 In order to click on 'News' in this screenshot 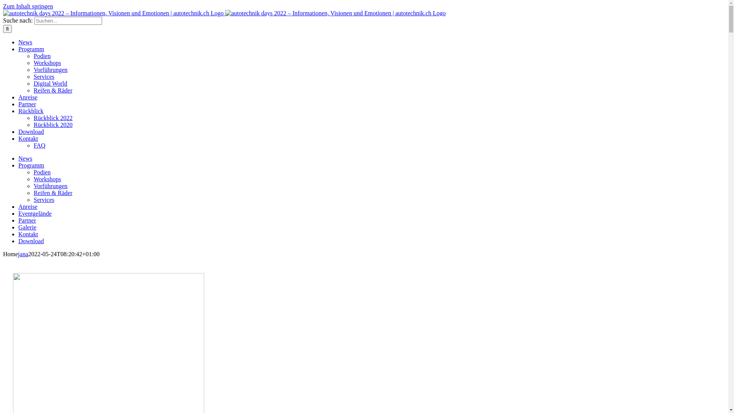, I will do `click(25, 42)`.